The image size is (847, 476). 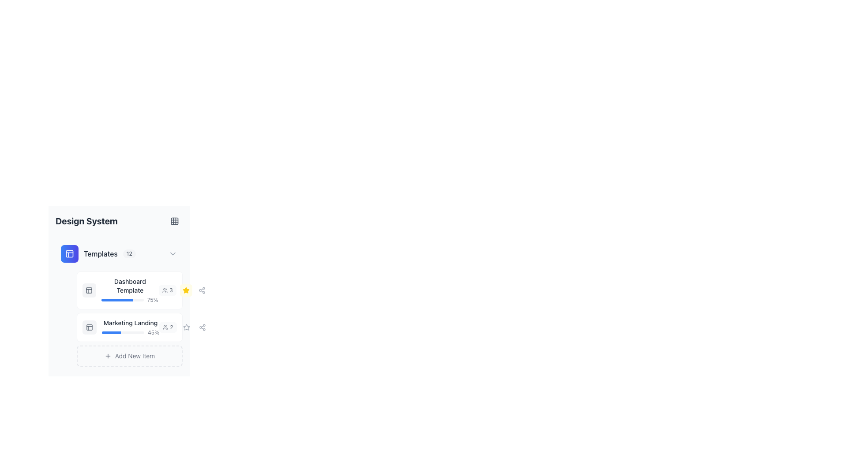 I want to click on the Icon Button, which resembles a share or connection icon with three connected circular nodes in a triangular pattern, to share the associated item, so click(x=202, y=327).